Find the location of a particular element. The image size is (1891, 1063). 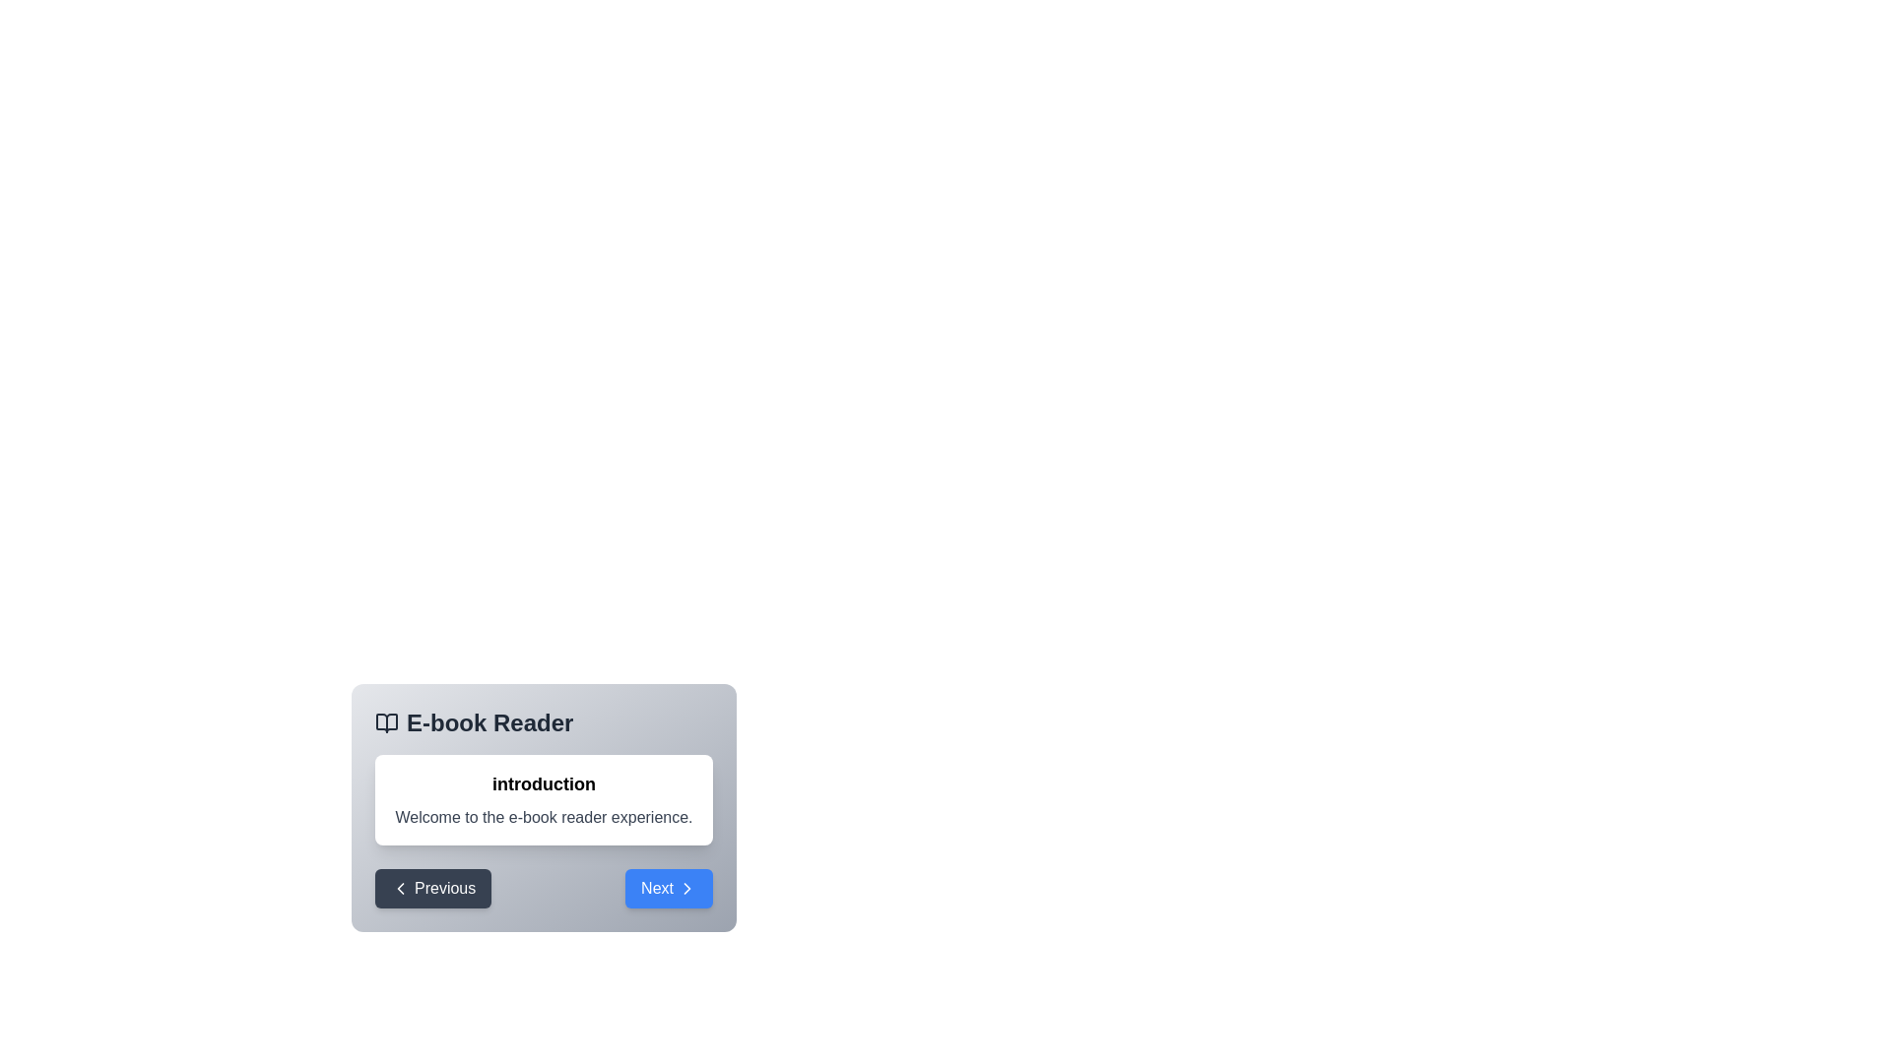

the forward navigation icon located within the 'Next' button at the bottom-right of the 'E-book Reader' dialog box is located at coordinates (686, 888).